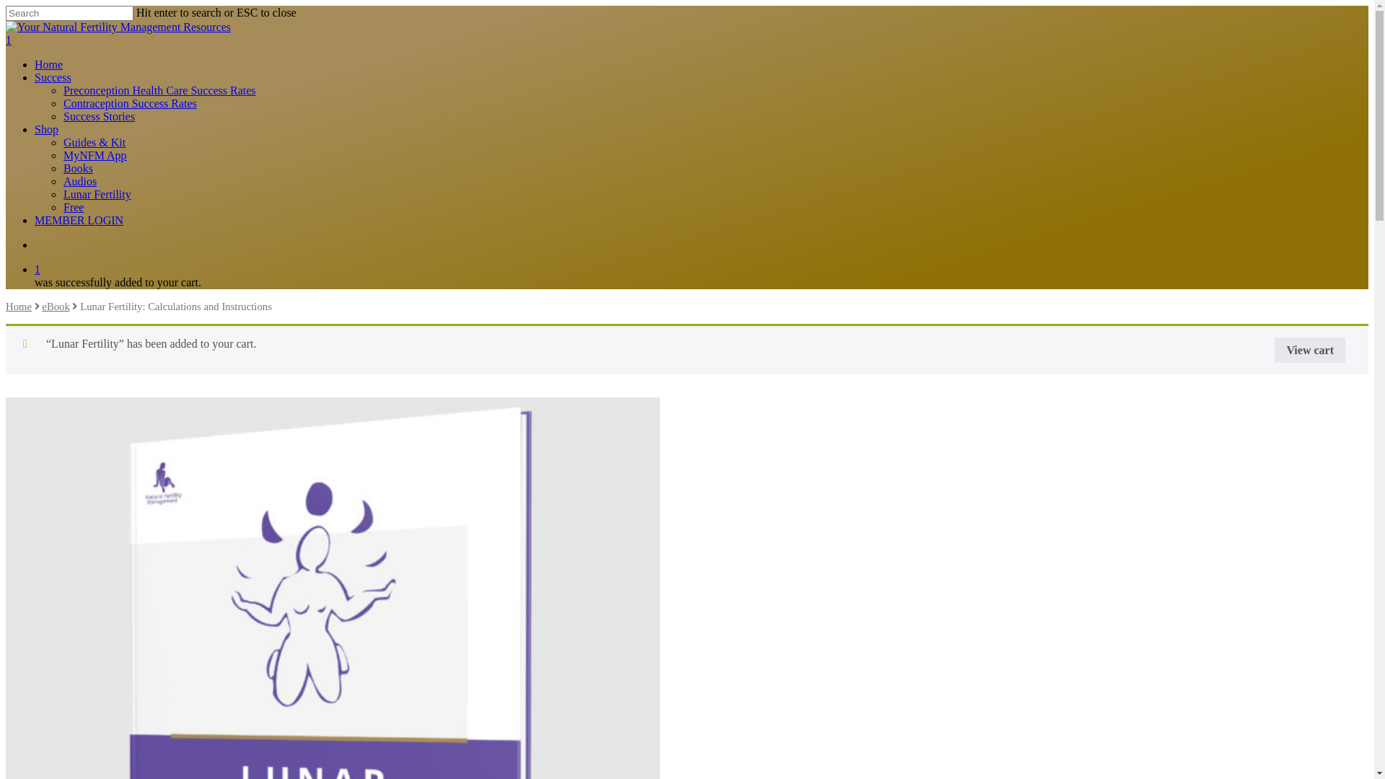 The image size is (1385, 779). Describe the element at coordinates (1309, 351) in the screenshot. I see `'View cart'` at that location.